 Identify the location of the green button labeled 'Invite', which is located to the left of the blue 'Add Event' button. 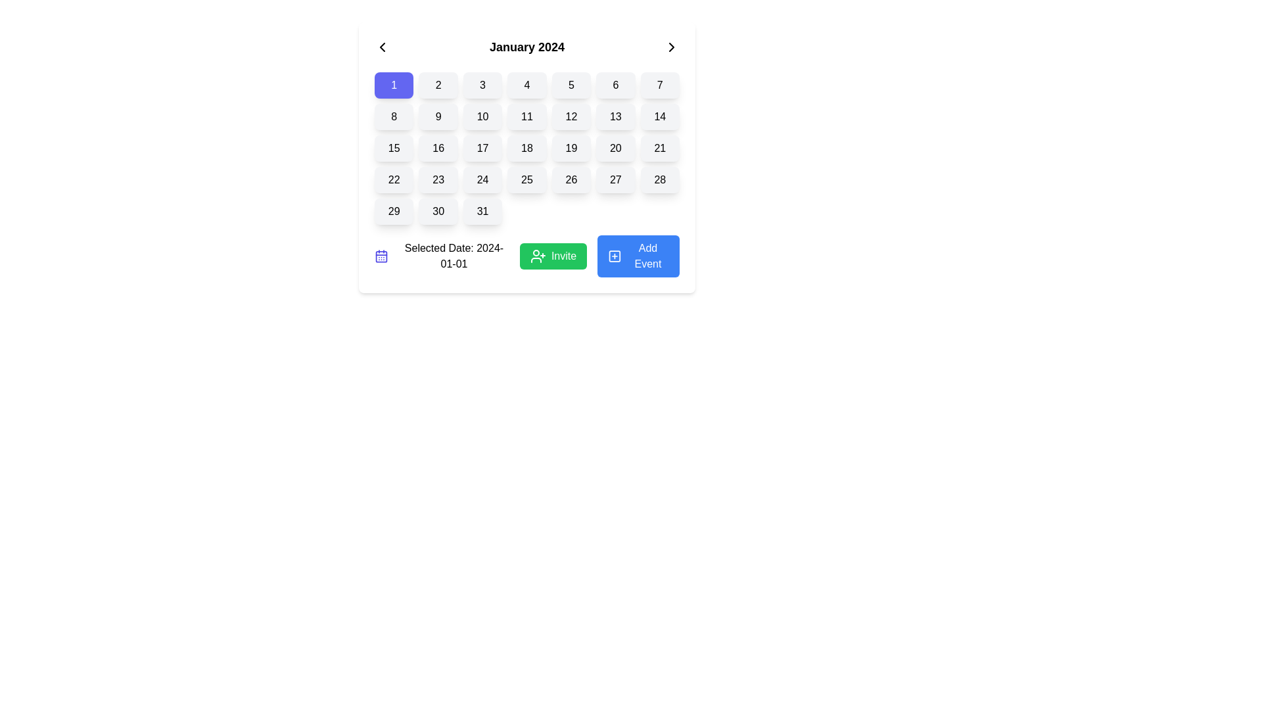
(564, 256).